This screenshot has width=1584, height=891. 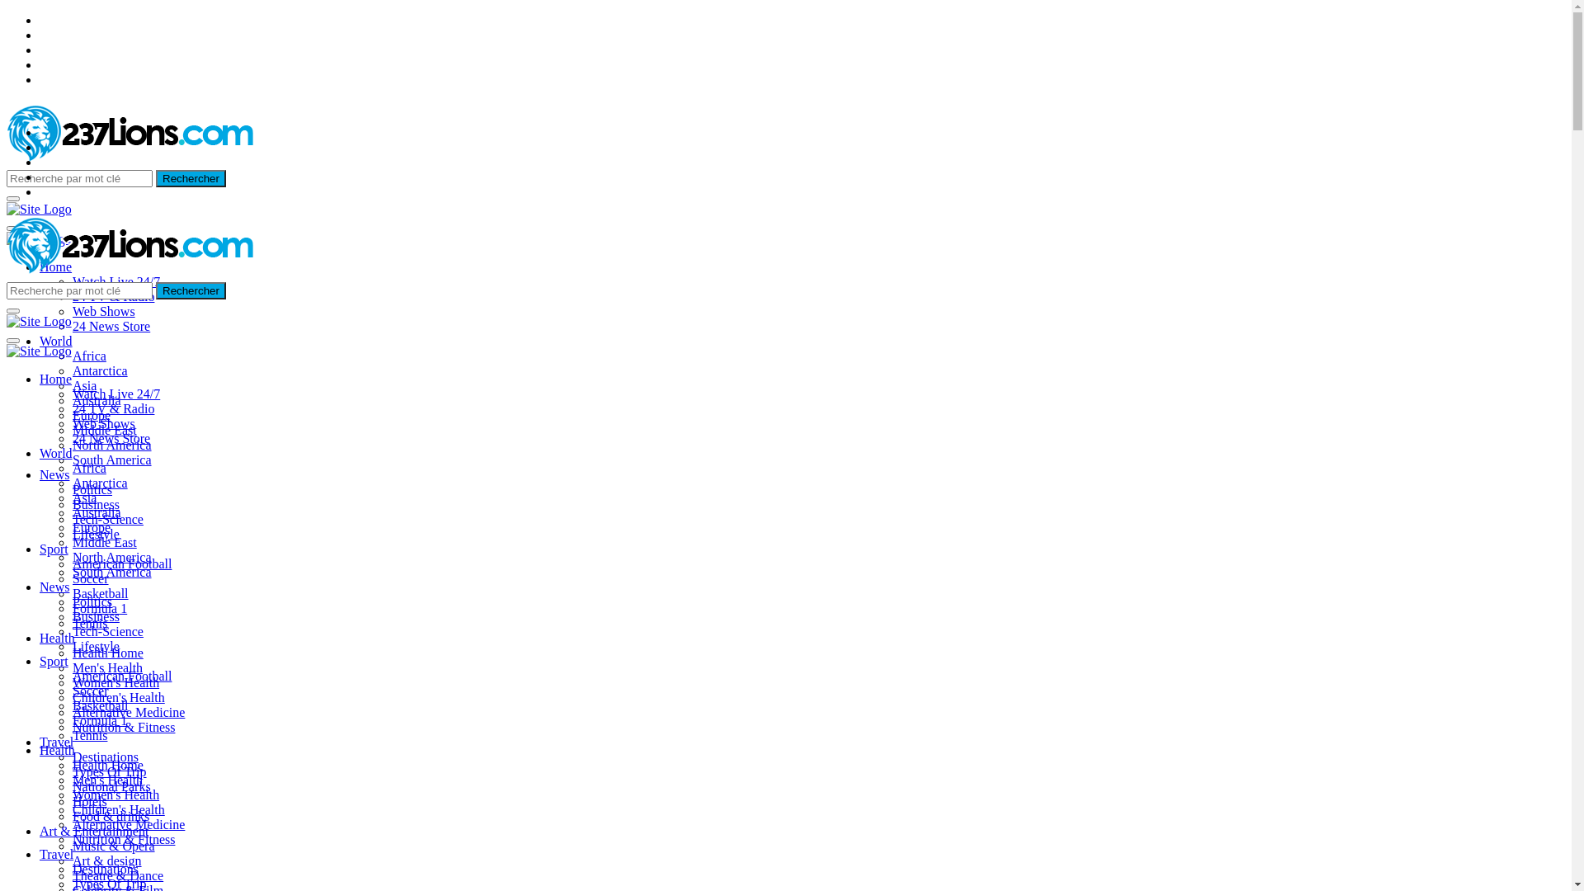 I want to click on 'Europe', so click(x=90, y=414).